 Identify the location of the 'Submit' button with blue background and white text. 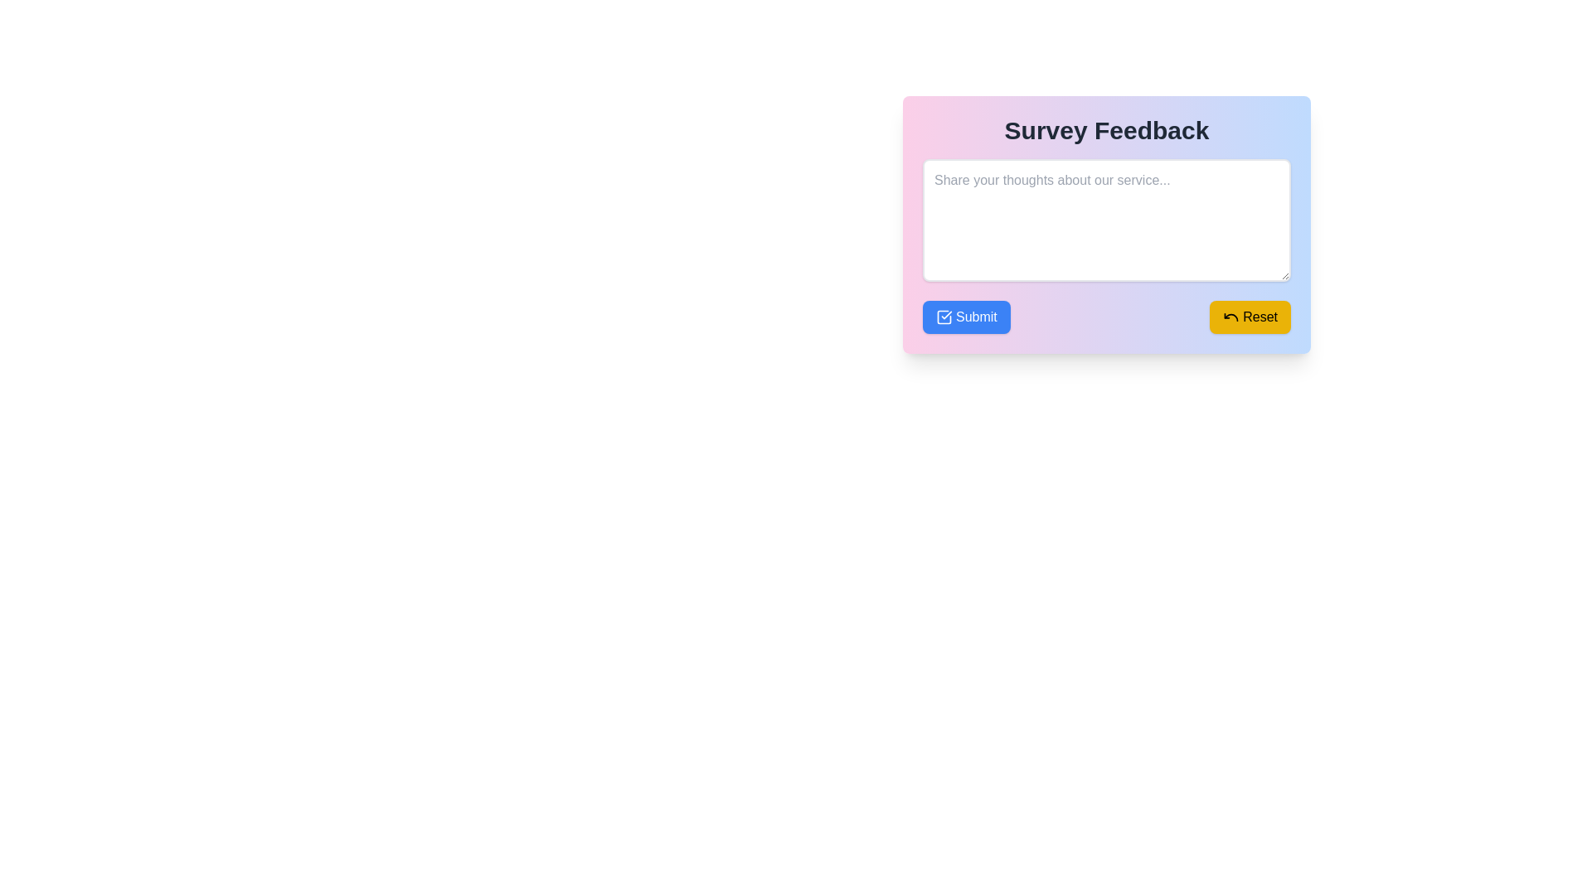
(966, 317).